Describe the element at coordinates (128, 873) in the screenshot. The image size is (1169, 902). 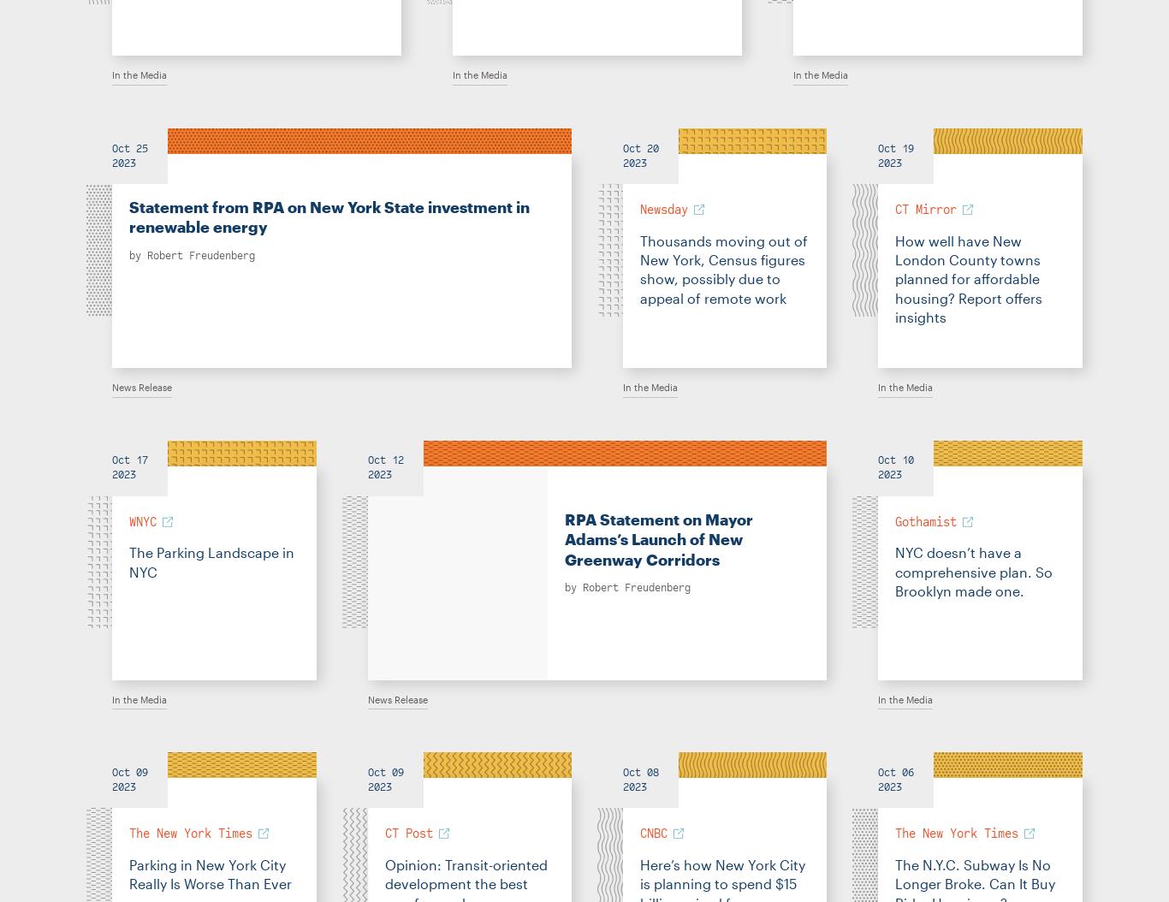
I see `'Parking in New York City Really Is Worse Than Ever'` at that location.